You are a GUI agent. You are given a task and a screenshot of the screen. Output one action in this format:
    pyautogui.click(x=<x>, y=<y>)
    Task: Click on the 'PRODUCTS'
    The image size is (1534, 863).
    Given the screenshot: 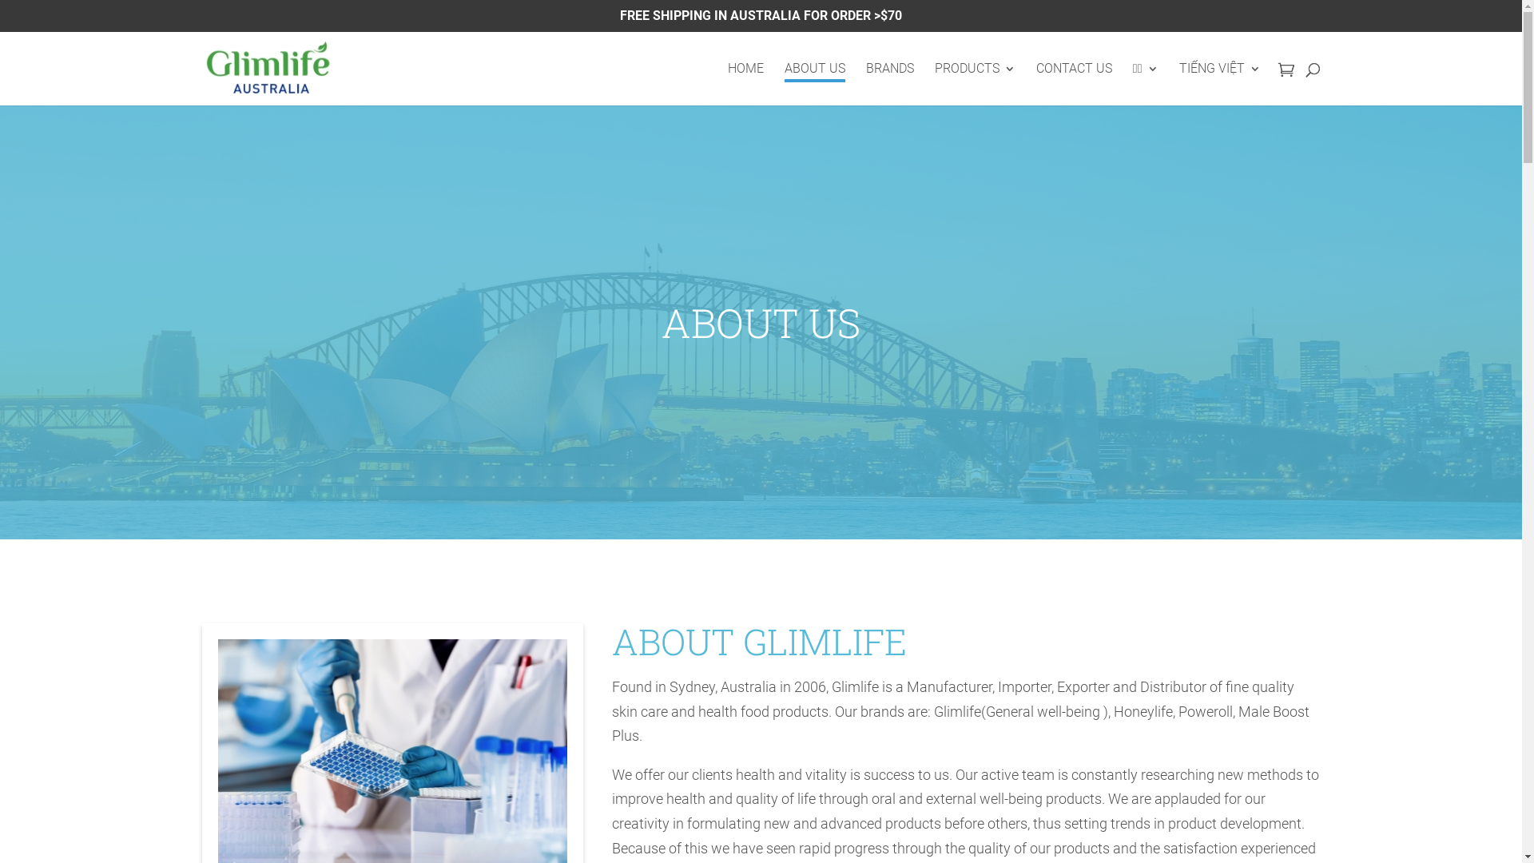 What is the action you would take?
    pyautogui.click(x=974, y=84)
    